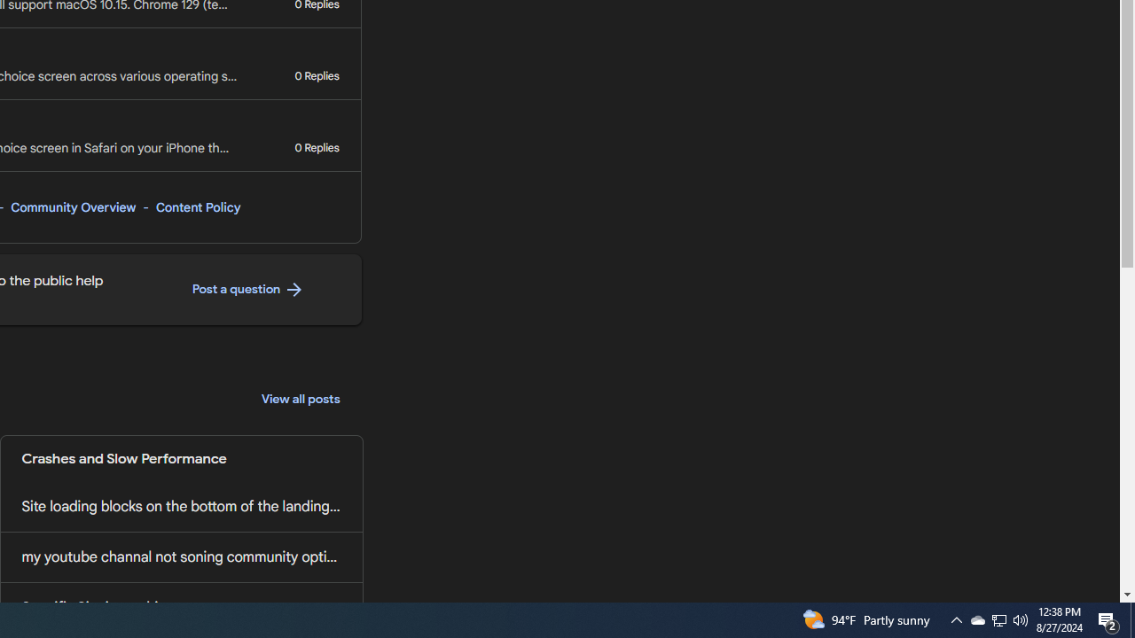 This screenshot has width=1135, height=638. I want to click on 'Post a question ', so click(247, 289).